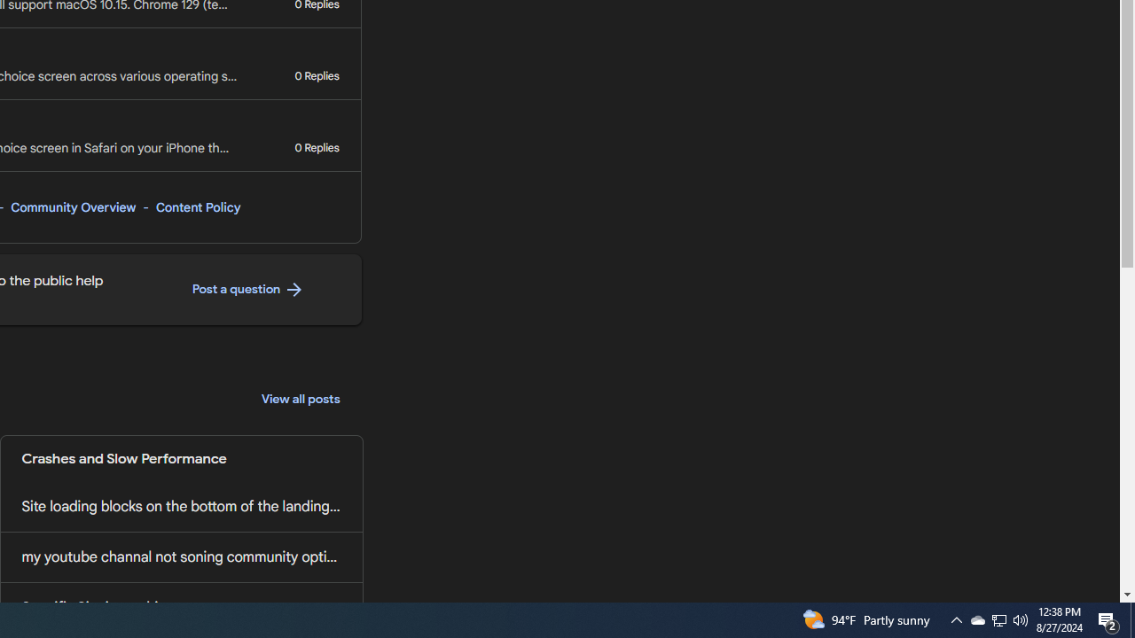 This screenshot has width=1135, height=638. I want to click on 'Post a question ', so click(247, 289).